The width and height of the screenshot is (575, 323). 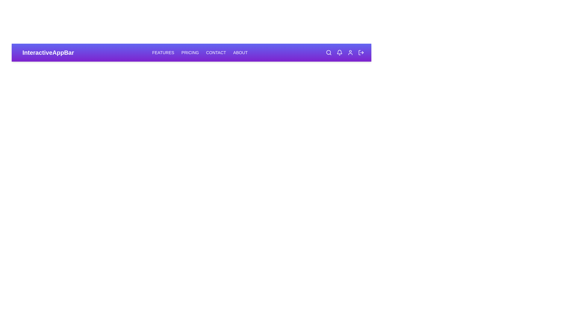 I want to click on the 'Pricing' navigation link, so click(x=190, y=52).